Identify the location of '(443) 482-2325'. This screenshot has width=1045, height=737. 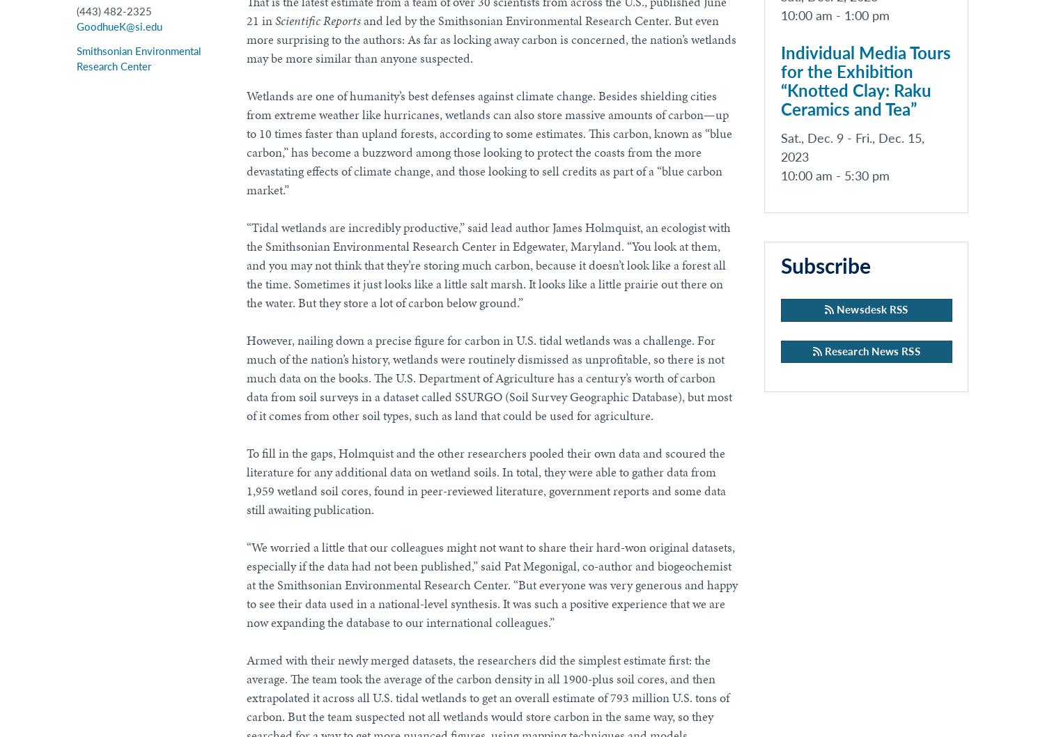
(114, 12).